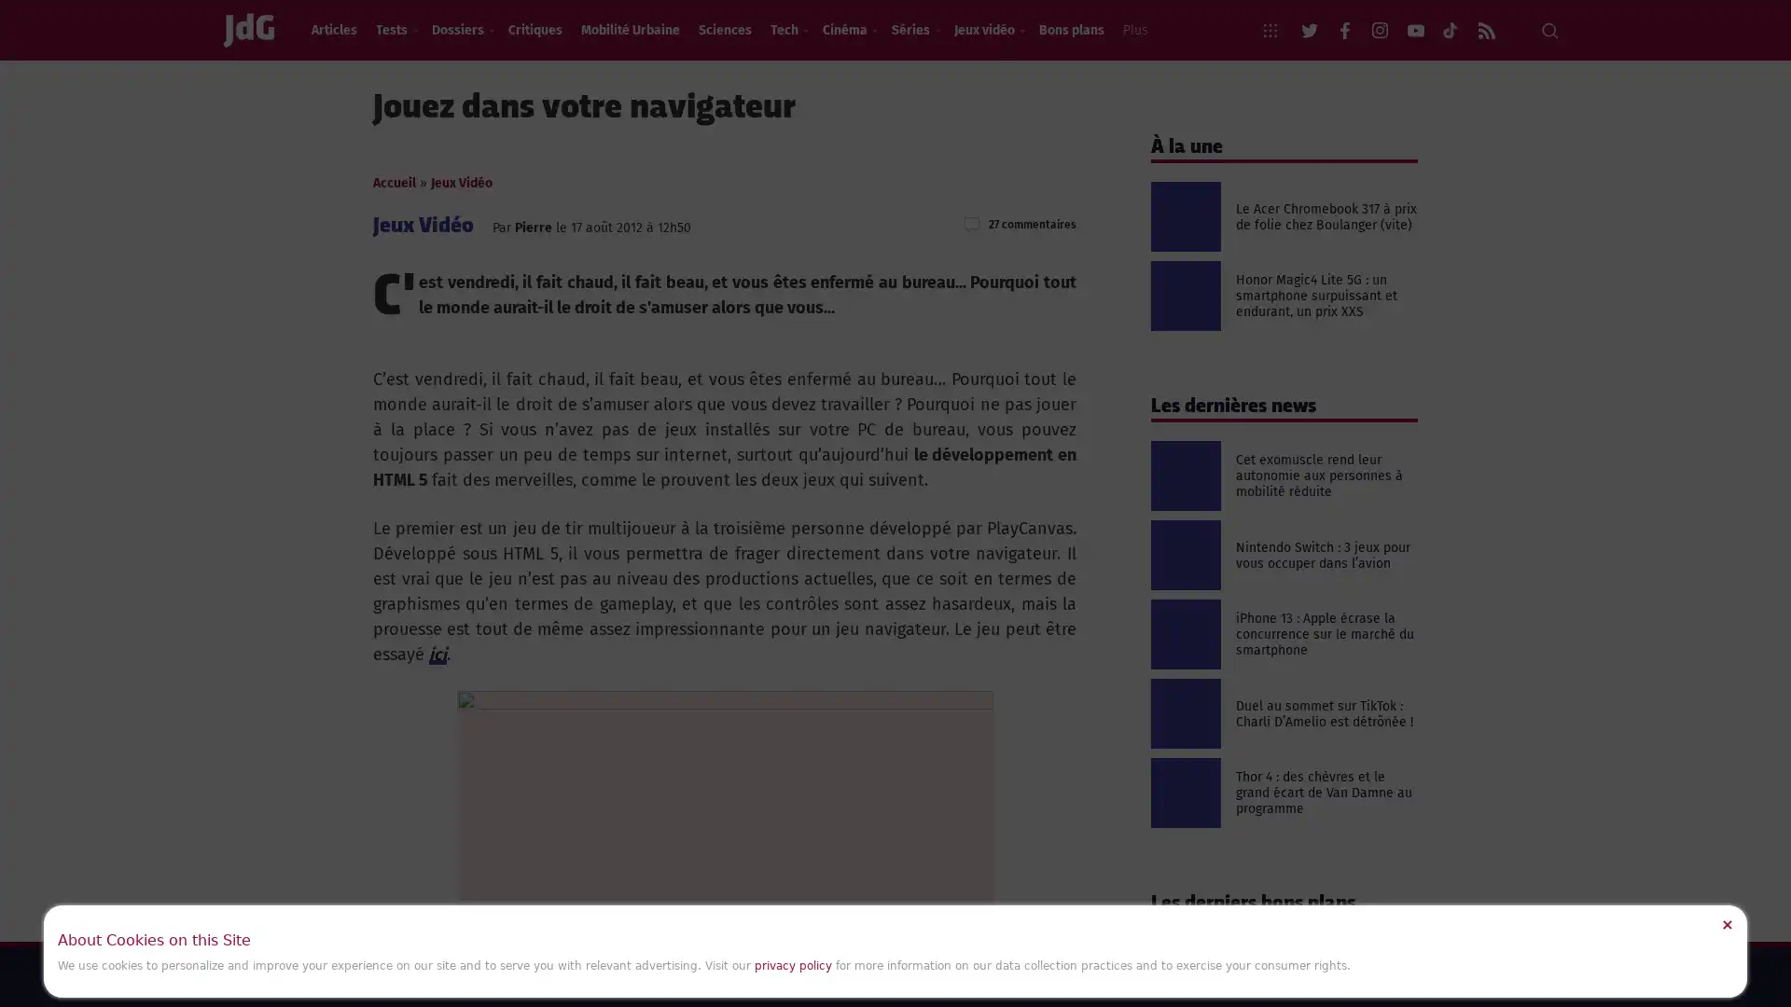 Image resolution: width=1791 pixels, height=1007 pixels. Describe the element at coordinates (1344, 29) in the screenshot. I see `facebook` at that location.